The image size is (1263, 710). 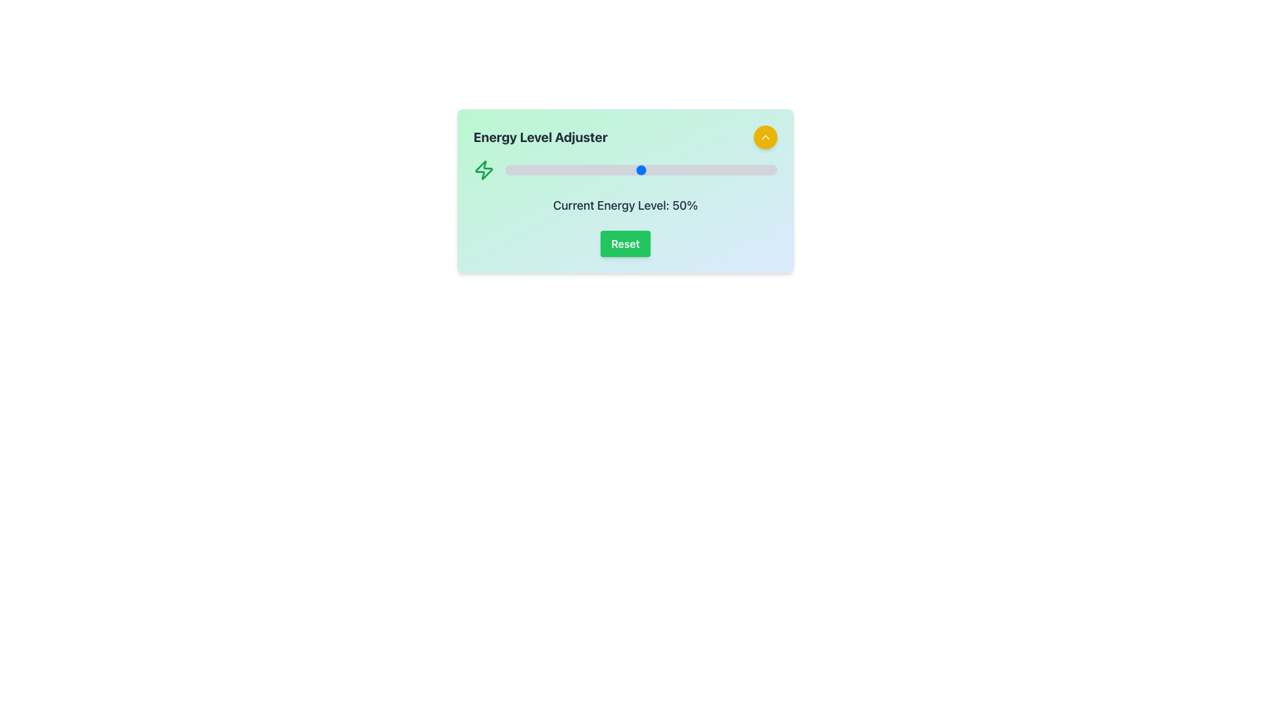 I want to click on the energy level, so click(x=562, y=169).